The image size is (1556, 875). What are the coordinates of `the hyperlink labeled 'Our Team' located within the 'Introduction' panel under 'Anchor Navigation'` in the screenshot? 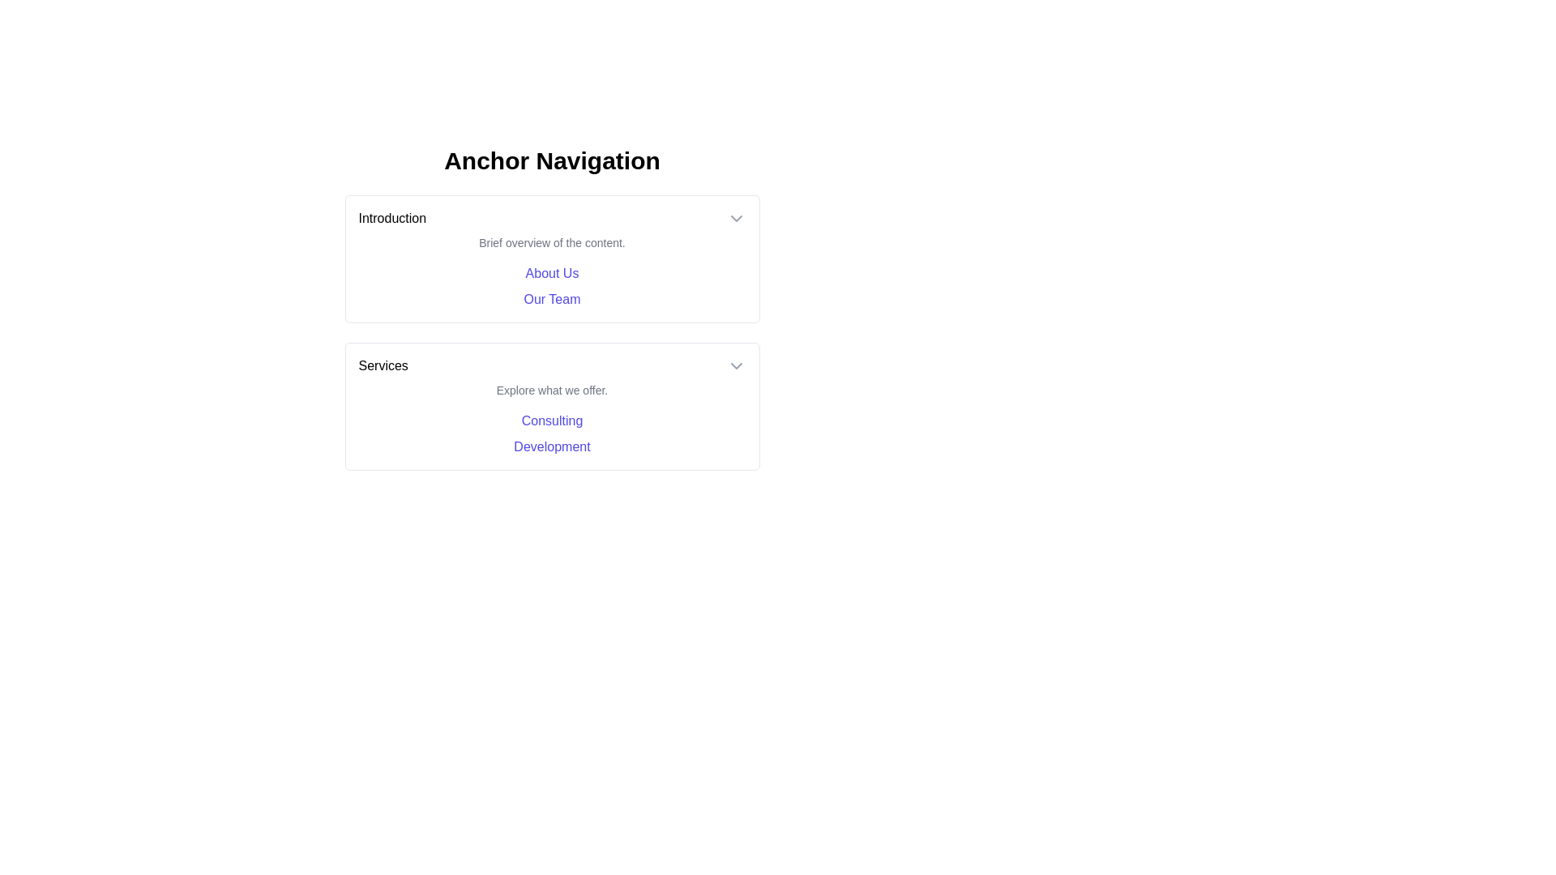 It's located at (552, 299).